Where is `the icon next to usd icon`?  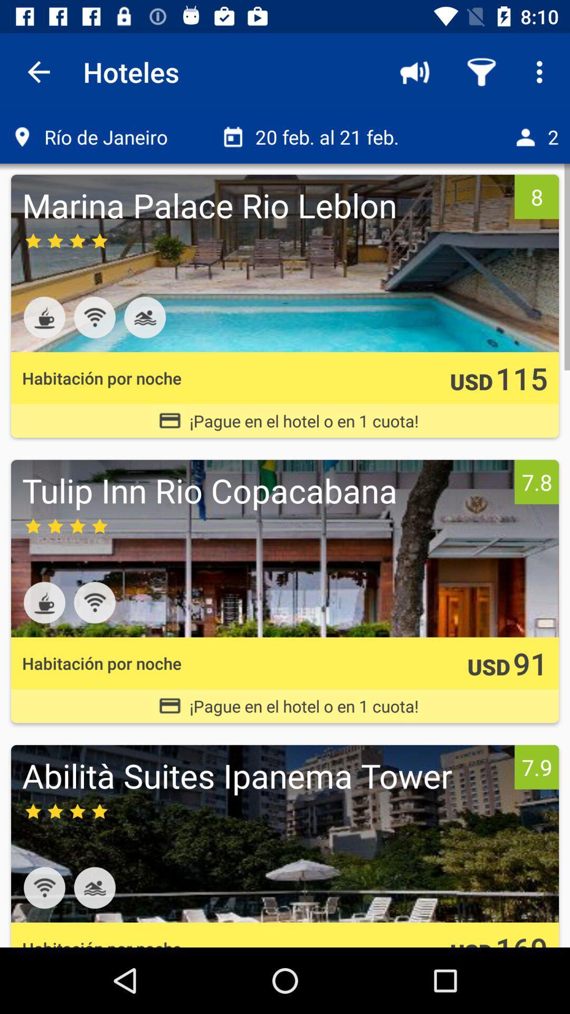
the icon next to usd icon is located at coordinates (521, 378).